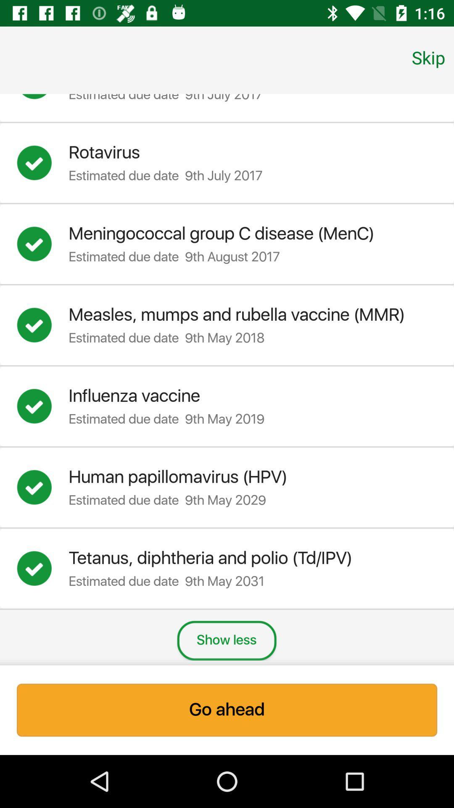 The image size is (454, 808). Describe the element at coordinates (42, 406) in the screenshot. I see `verify item` at that location.